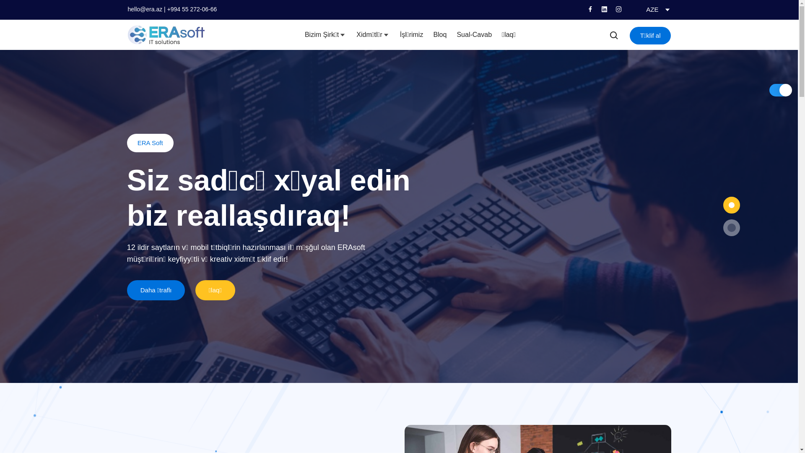  Describe the element at coordinates (439, 34) in the screenshot. I see `'Bloq'` at that location.